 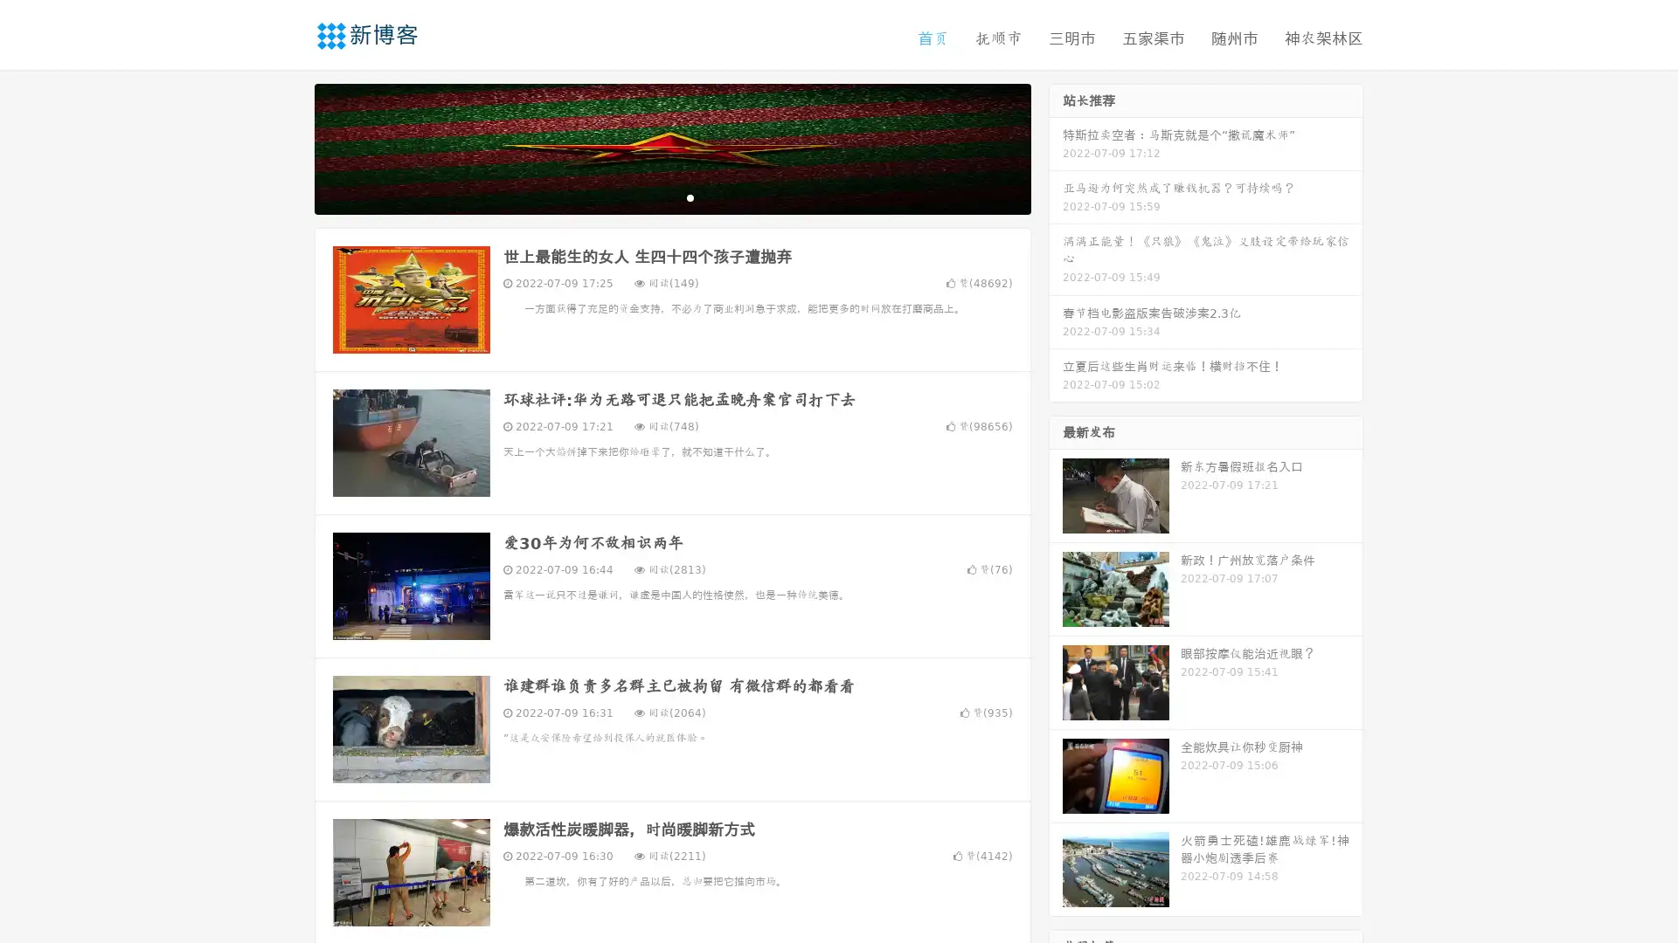 I want to click on Go to slide 2, so click(x=671, y=196).